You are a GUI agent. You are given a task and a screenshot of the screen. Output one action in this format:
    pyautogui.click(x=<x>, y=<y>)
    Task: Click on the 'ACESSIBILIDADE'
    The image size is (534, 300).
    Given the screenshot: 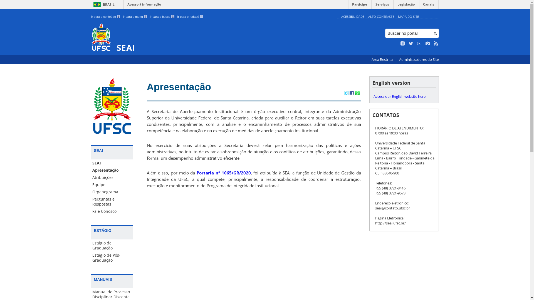 What is the action you would take?
    pyautogui.click(x=352, y=16)
    